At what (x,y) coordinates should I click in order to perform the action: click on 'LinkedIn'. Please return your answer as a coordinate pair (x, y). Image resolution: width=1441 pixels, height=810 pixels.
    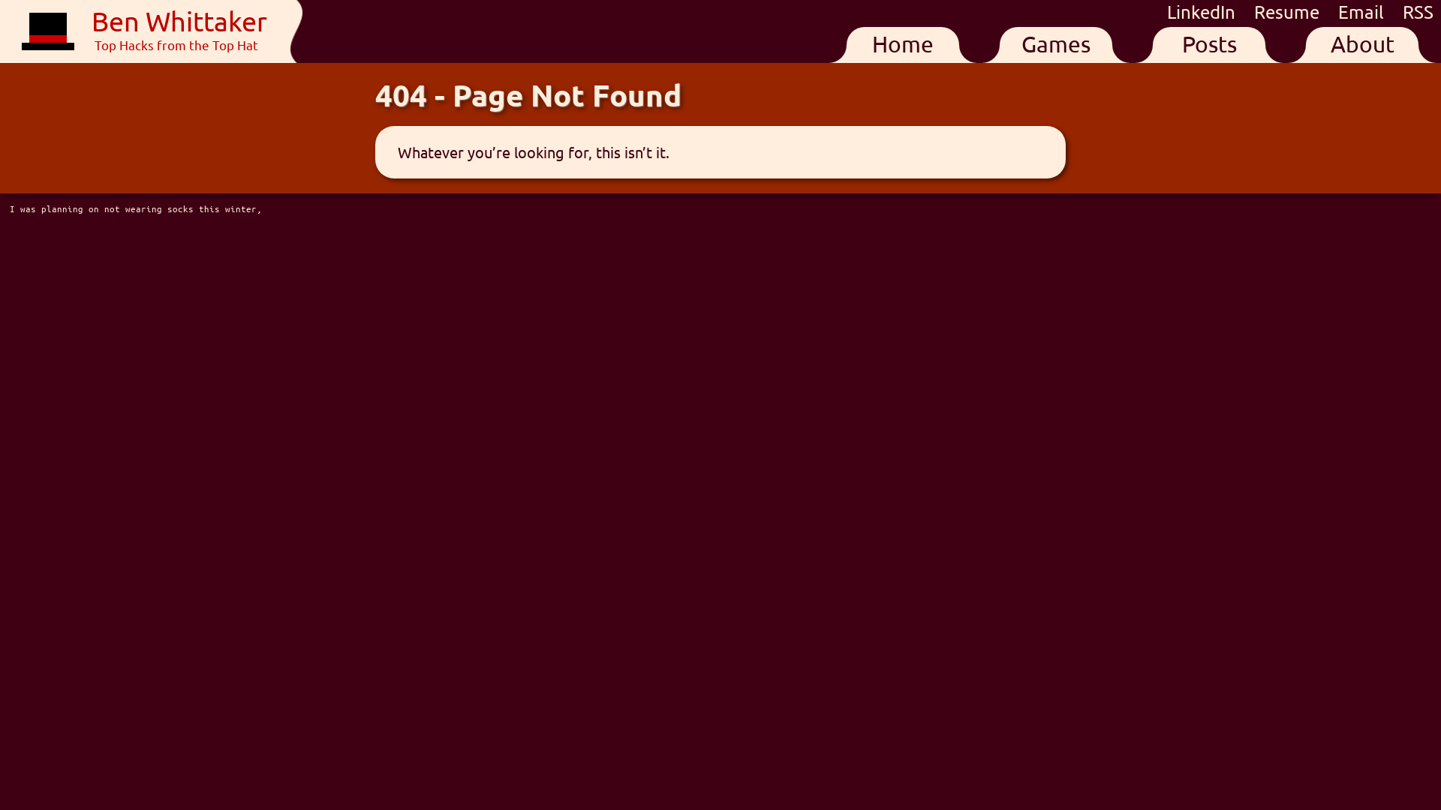
    Looking at the image, I should click on (1166, 11).